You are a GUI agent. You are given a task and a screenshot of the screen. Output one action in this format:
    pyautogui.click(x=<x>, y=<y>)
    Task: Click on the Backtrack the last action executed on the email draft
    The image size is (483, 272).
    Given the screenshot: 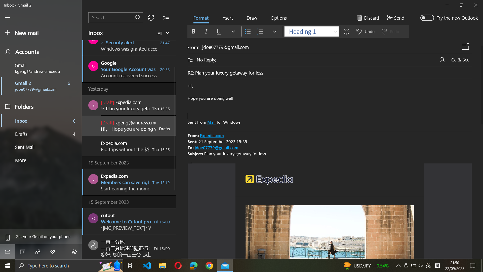 What is the action you would take?
    pyautogui.click(x=330, y=104)
    